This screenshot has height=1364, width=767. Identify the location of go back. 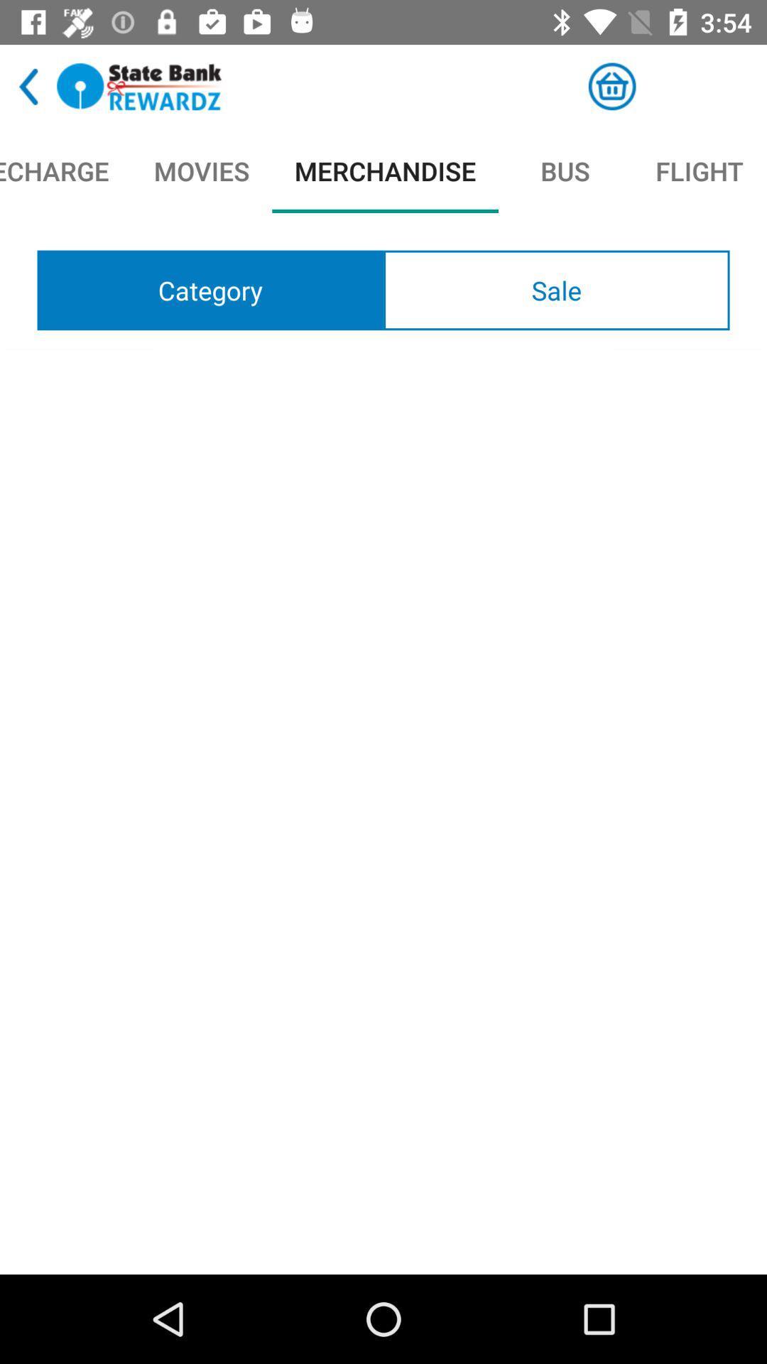
(28, 86).